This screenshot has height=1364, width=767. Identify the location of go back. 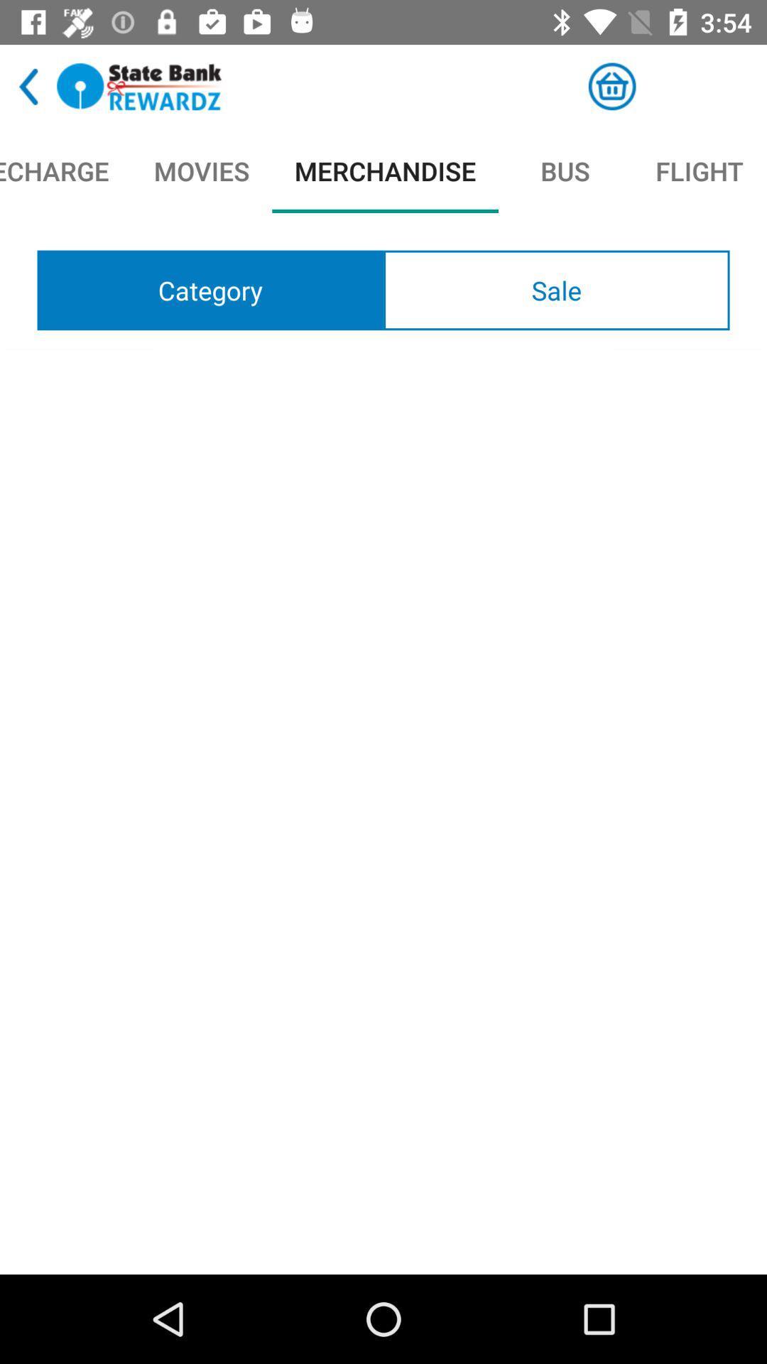
(28, 86).